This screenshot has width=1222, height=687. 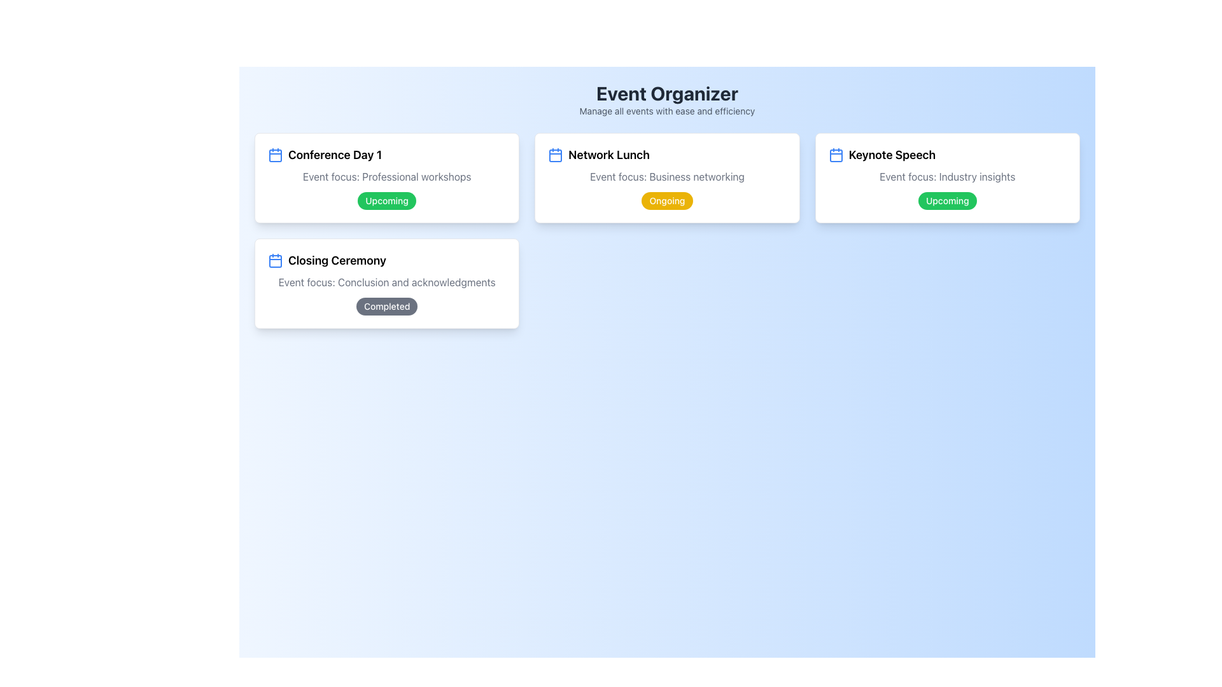 What do you see at coordinates (666, 176) in the screenshot?
I see `the text label that reads 'Event focus: Business networking' located within the 'Network Lunch' event card` at bounding box center [666, 176].